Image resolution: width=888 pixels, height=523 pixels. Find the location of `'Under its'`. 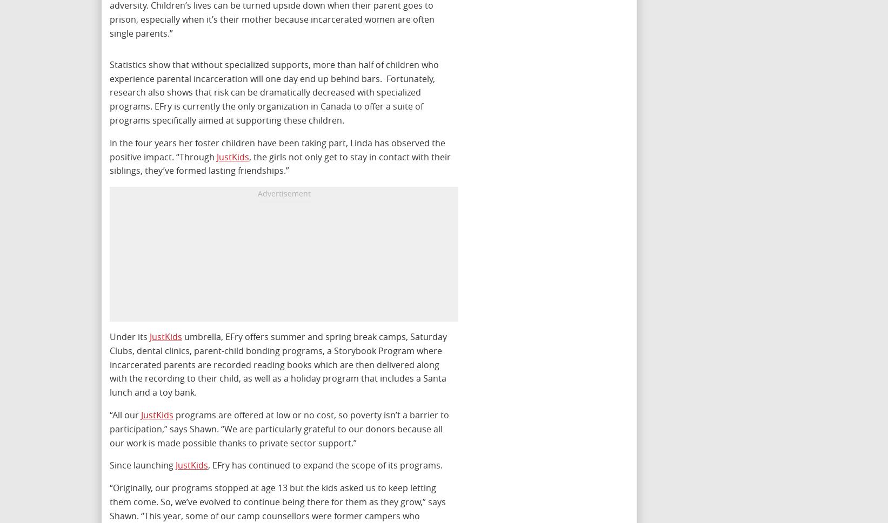

'Under its' is located at coordinates (130, 337).